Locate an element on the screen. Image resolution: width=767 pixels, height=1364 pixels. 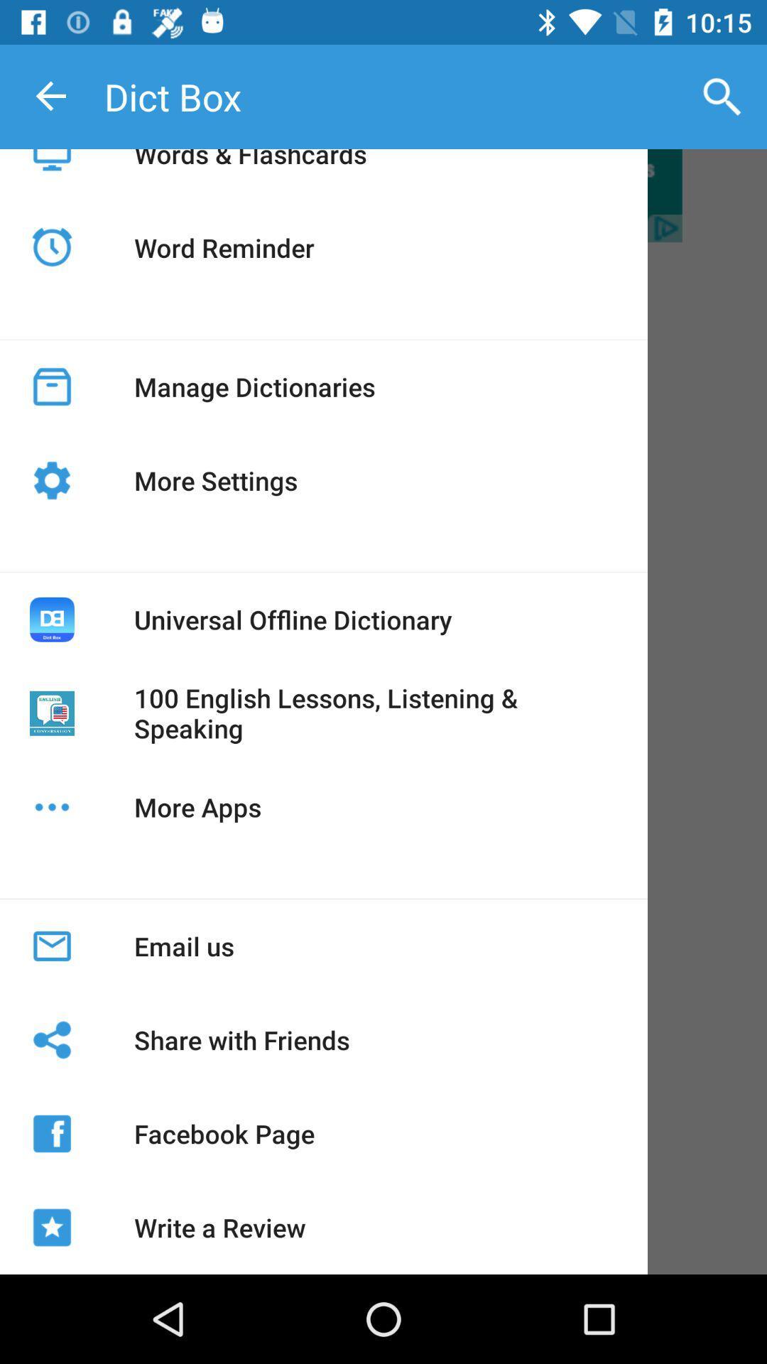
look for words is located at coordinates (383, 195).